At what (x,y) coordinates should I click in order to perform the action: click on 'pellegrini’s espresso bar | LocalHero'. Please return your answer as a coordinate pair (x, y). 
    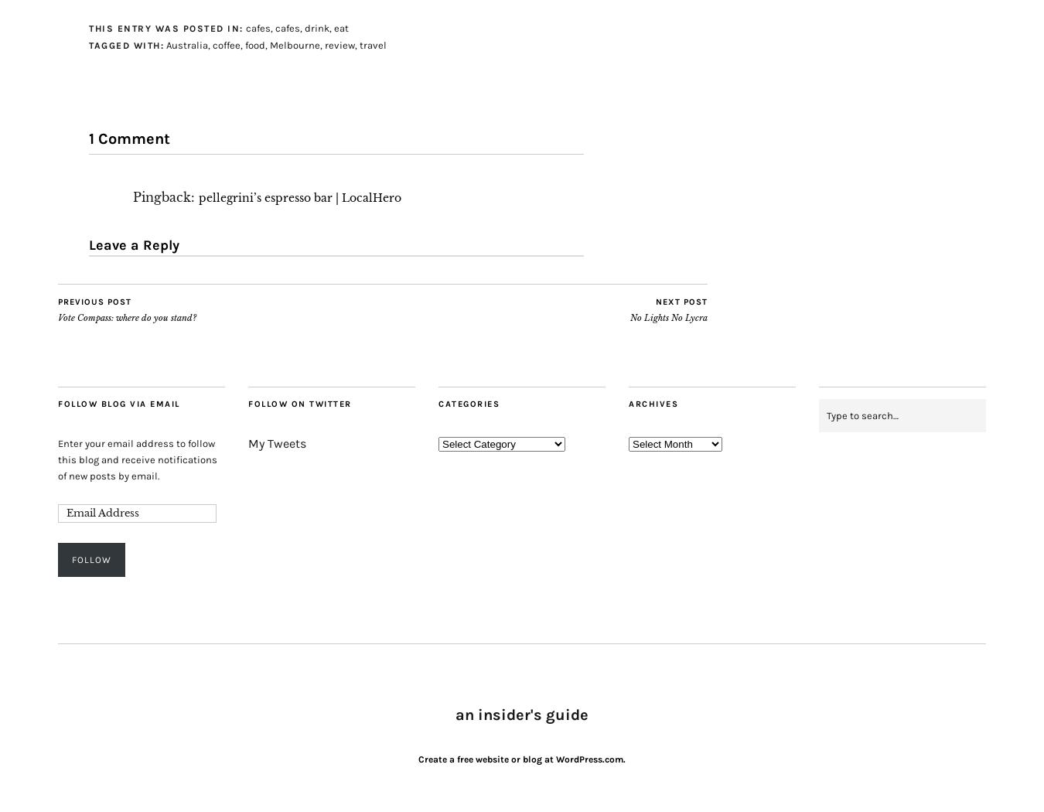
    Looking at the image, I should click on (299, 197).